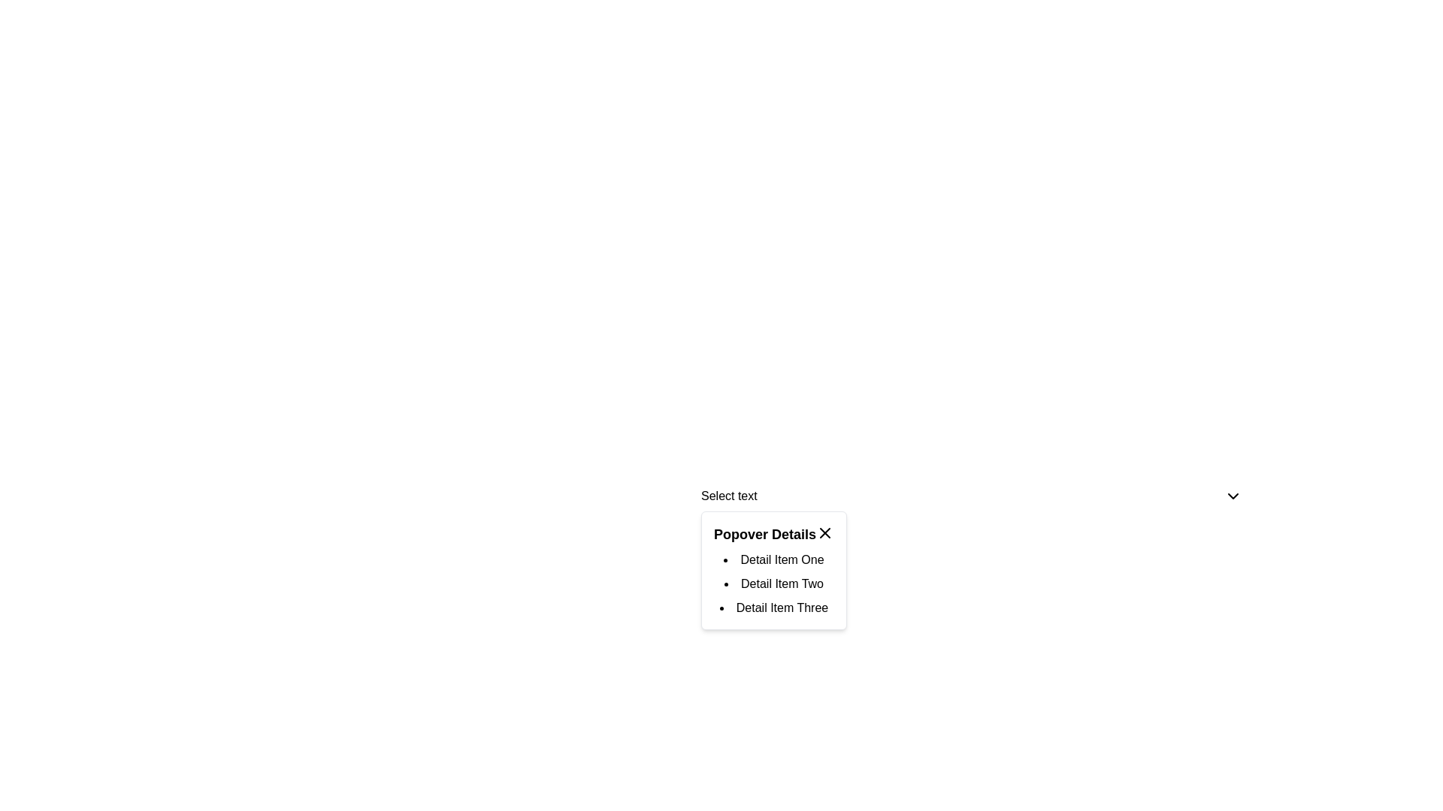  Describe the element at coordinates (774, 608) in the screenshot. I see `static text item labeled 'Detail Item Three' located as the third item in a vertical bulleted list within a popover, positioned below 'Detail Item One' and 'Detail Item Two'` at that location.